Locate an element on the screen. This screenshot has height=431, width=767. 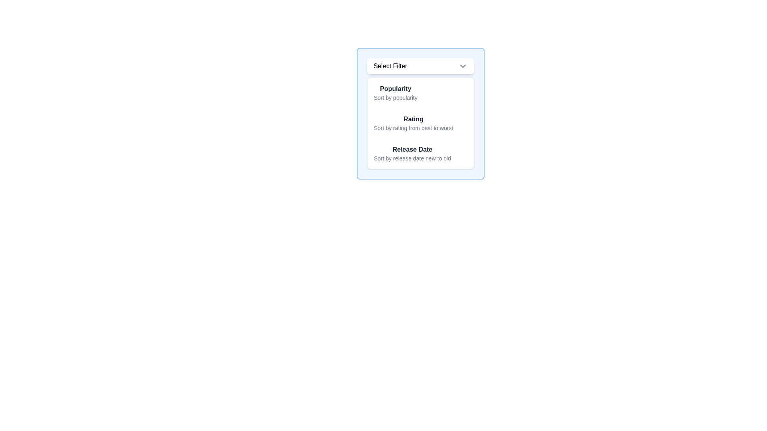
the third option in the dropdown menu, which allows users to sort content by release date is located at coordinates (412, 154).